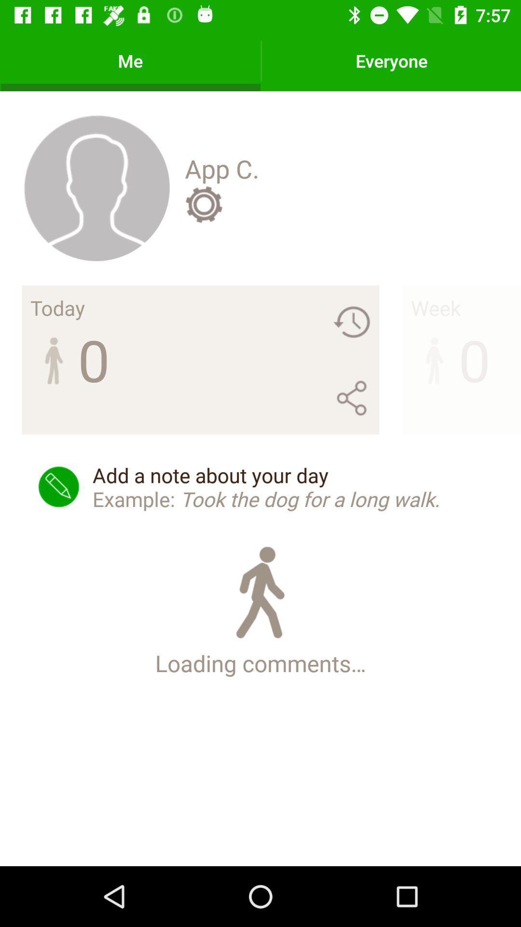 The height and width of the screenshot is (927, 521). What do you see at coordinates (260, 487) in the screenshot?
I see `add a note icon` at bounding box center [260, 487].